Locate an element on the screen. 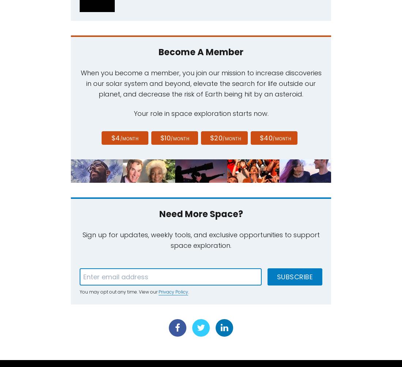 Image resolution: width=402 pixels, height=367 pixels. 'Need More Space?' is located at coordinates (201, 213).